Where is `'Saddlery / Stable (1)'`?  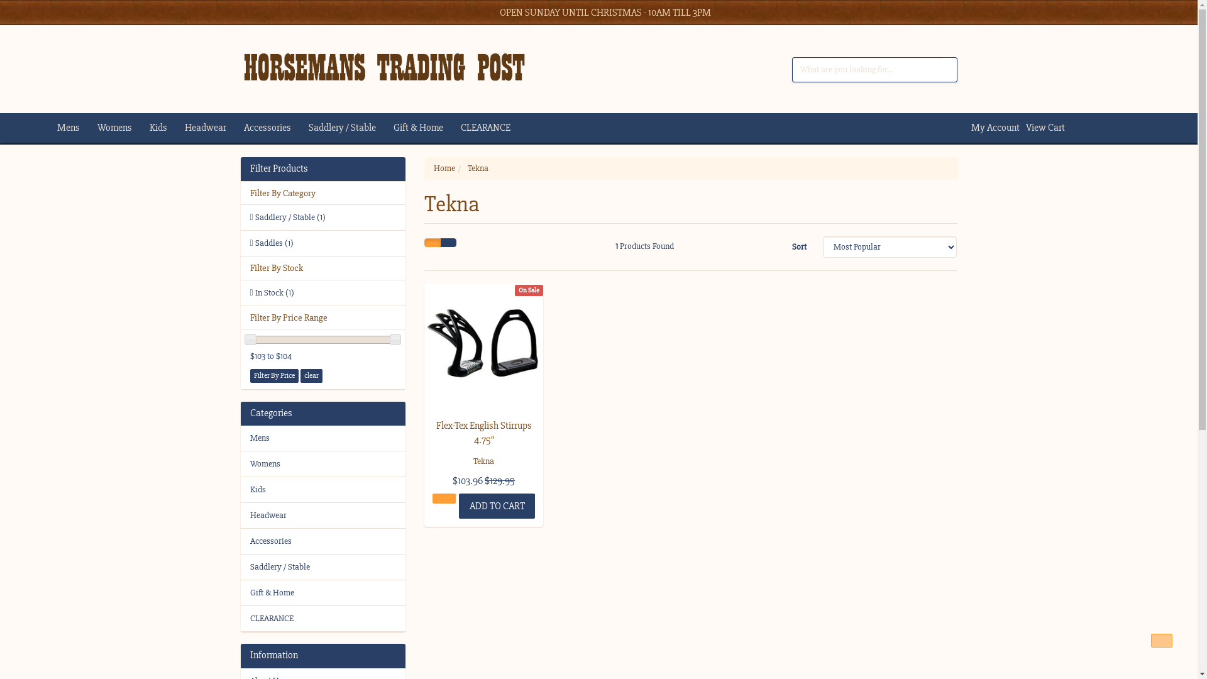 'Saddlery / Stable (1)' is located at coordinates (322, 216).